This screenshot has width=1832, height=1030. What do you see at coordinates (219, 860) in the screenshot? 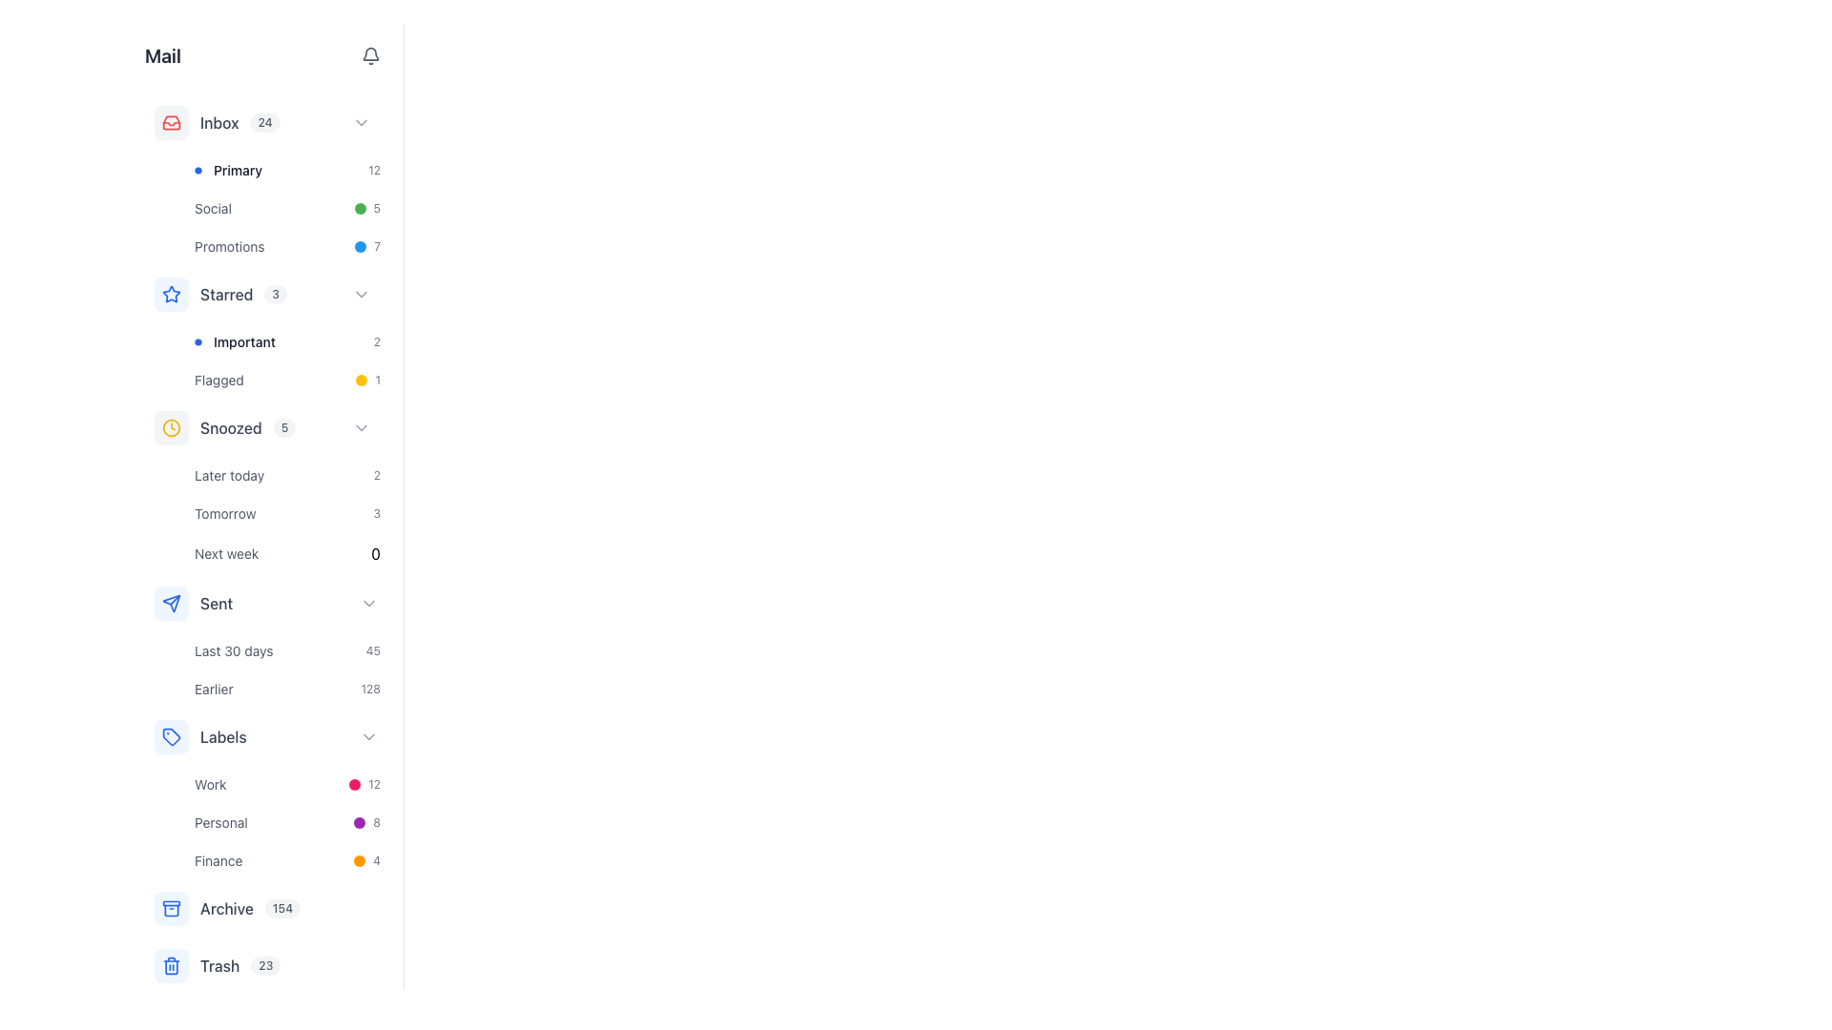
I see `the 'Finance' text label in the vertical navigation panel` at bounding box center [219, 860].